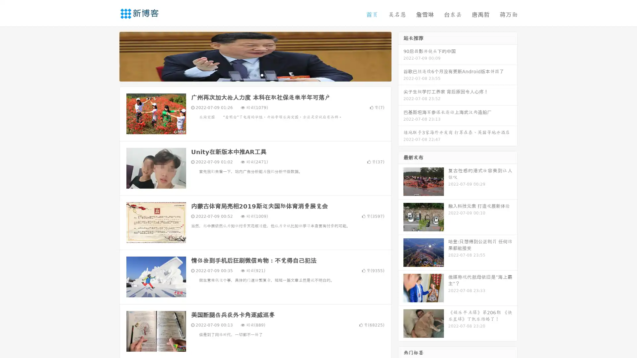 The height and width of the screenshot is (358, 637). I want to click on Next slide, so click(401, 56).